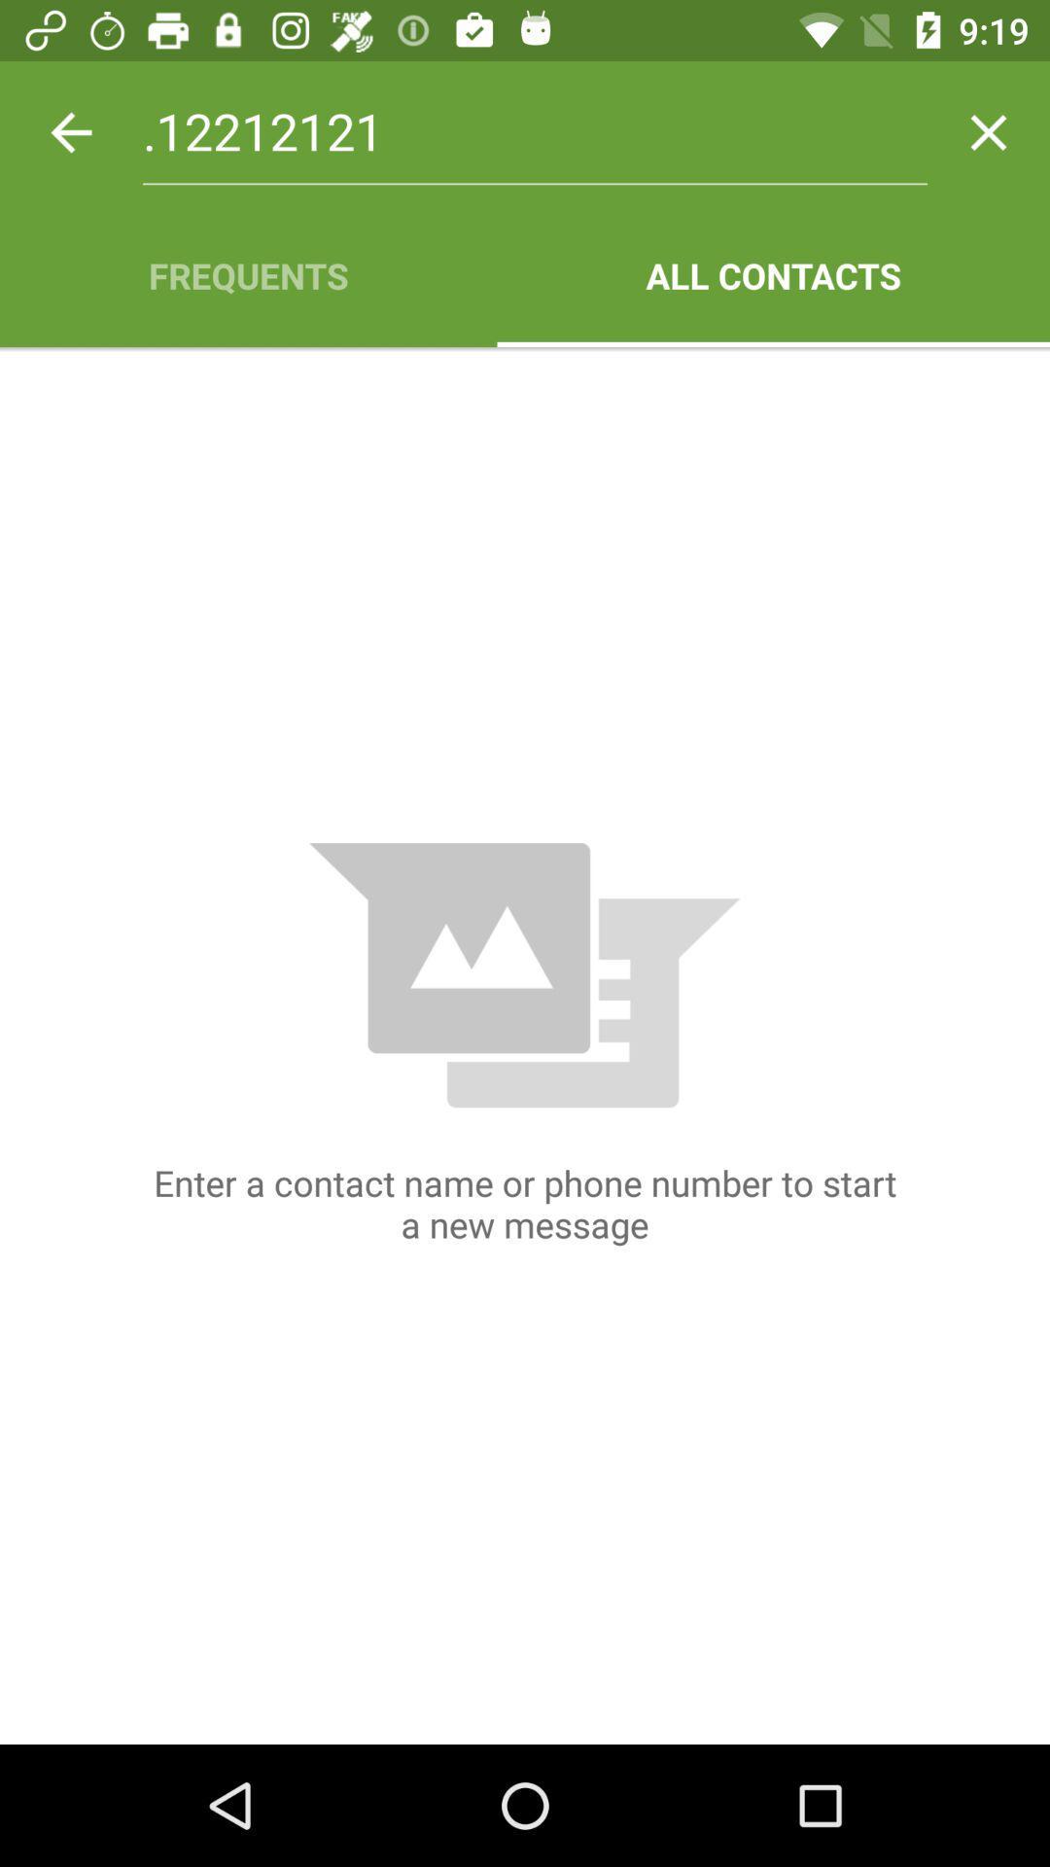  What do you see at coordinates (247, 274) in the screenshot?
I see `item to the left of all contacts` at bounding box center [247, 274].